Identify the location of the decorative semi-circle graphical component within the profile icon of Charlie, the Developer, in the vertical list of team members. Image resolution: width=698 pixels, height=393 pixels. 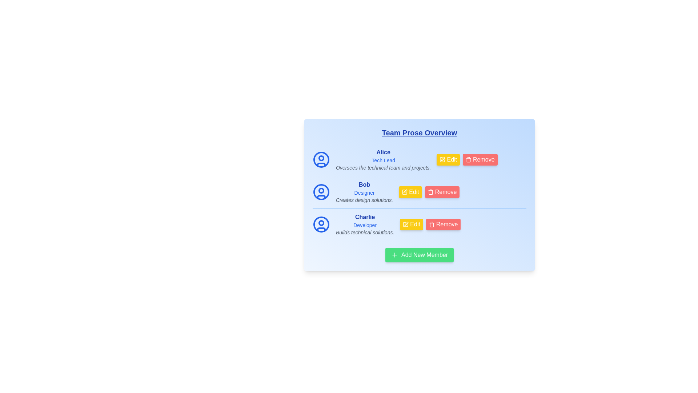
(321, 229).